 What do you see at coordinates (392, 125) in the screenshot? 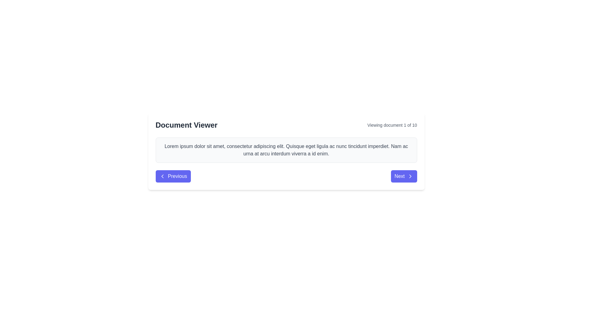
I see `the informational text label displaying the current document number in the Document Viewer` at bounding box center [392, 125].